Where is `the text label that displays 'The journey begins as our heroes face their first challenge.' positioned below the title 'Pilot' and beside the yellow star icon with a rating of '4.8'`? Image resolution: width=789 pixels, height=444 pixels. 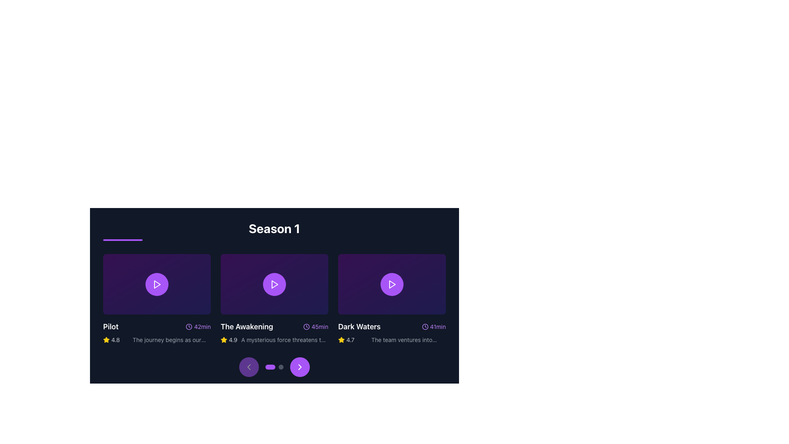 the text label that displays 'The journey begins as our heroes face their first challenge.' positioned below the title 'Pilot' and beside the yellow star icon with a rating of '4.8' is located at coordinates (166, 340).